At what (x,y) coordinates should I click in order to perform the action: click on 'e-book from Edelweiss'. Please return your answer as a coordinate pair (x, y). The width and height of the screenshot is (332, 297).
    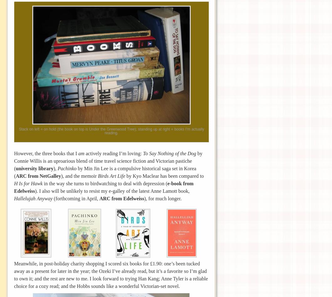
    Looking at the image, I should click on (104, 187).